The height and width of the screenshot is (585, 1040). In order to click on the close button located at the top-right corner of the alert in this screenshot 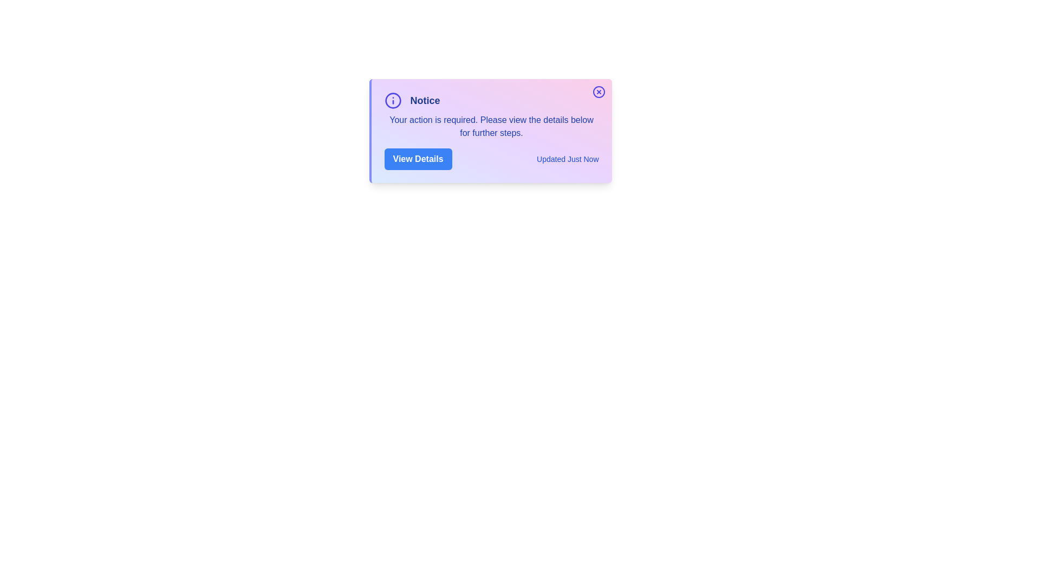, I will do `click(598, 91)`.